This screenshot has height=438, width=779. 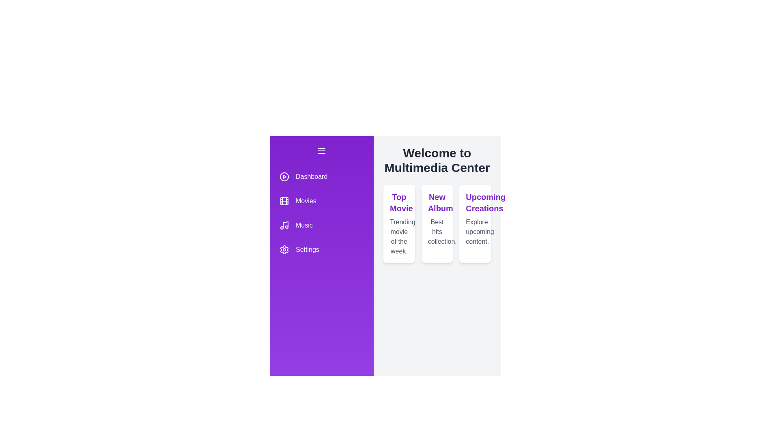 What do you see at coordinates (321, 201) in the screenshot?
I see `the menu item Movies to observe the hover effect` at bounding box center [321, 201].